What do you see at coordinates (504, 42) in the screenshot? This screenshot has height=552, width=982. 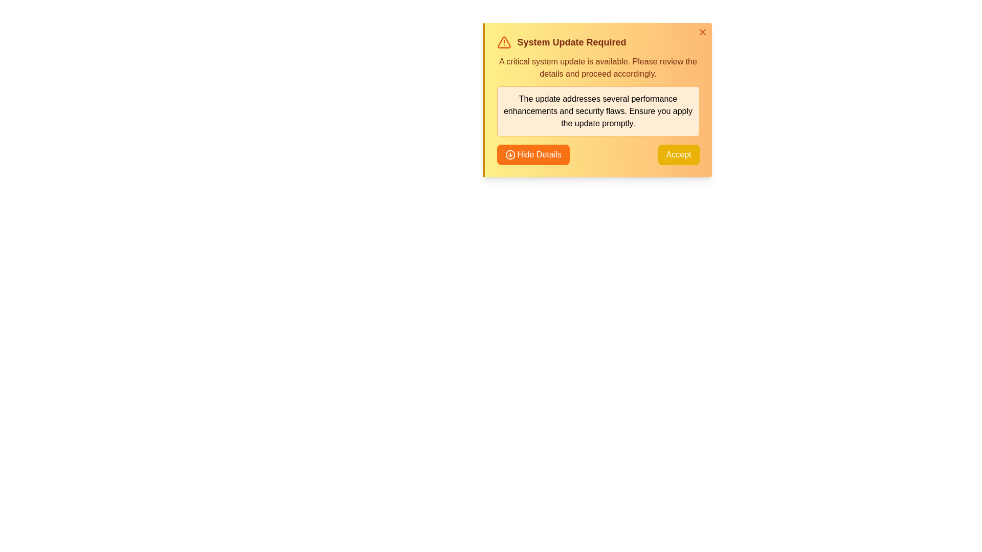 I see `the warning_triangle icon in the notification` at bounding box center [504, 42].